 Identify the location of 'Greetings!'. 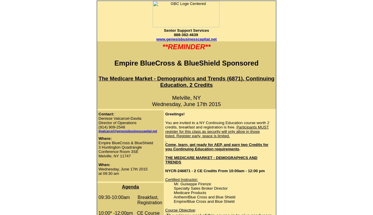
(175, 114).